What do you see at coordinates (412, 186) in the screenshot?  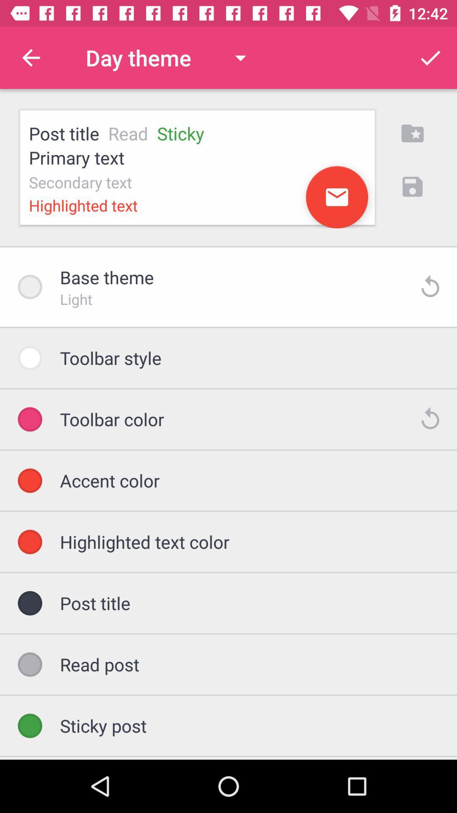 I see `the save icon` at bounding box center [412, 186].